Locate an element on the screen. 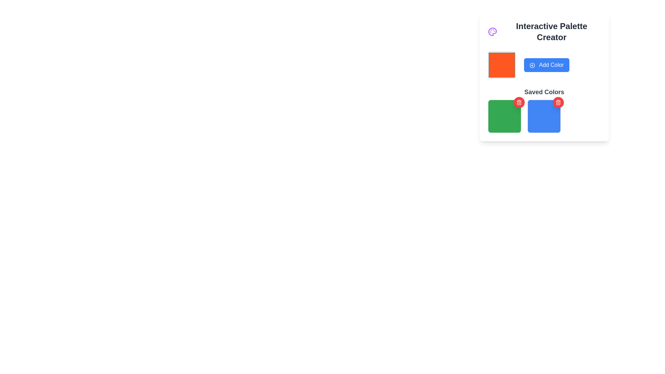 This screenshot has height=374, width=665. the trash can icon button with a red circular background is located at coordinates (558, 103).